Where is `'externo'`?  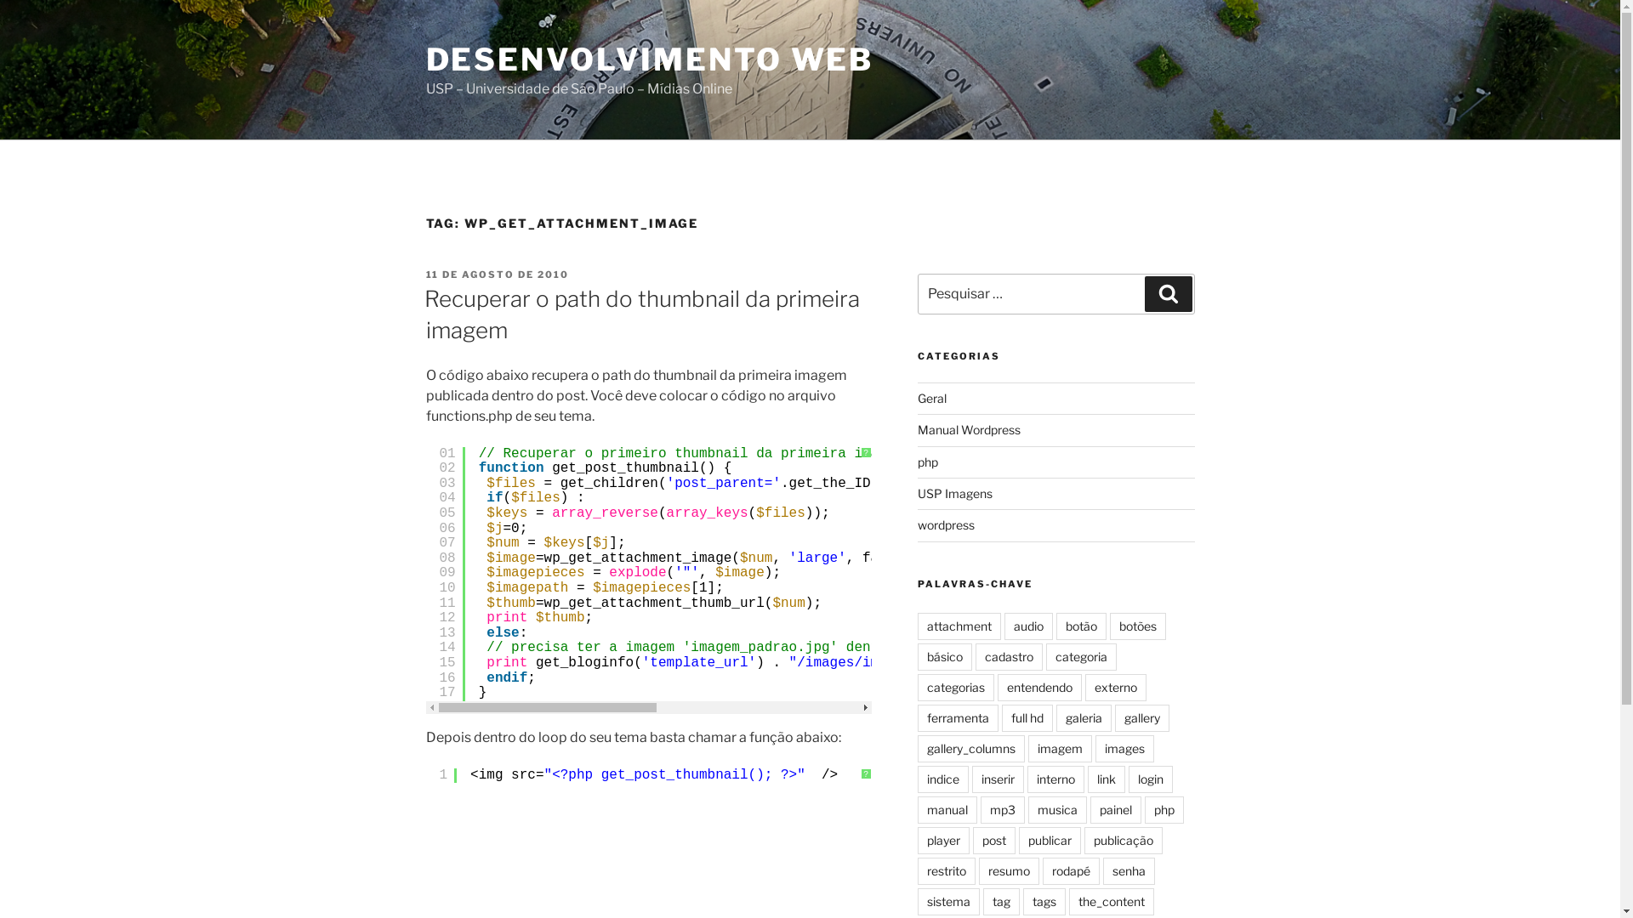 'externo' is located at coordinates (1115, 687).